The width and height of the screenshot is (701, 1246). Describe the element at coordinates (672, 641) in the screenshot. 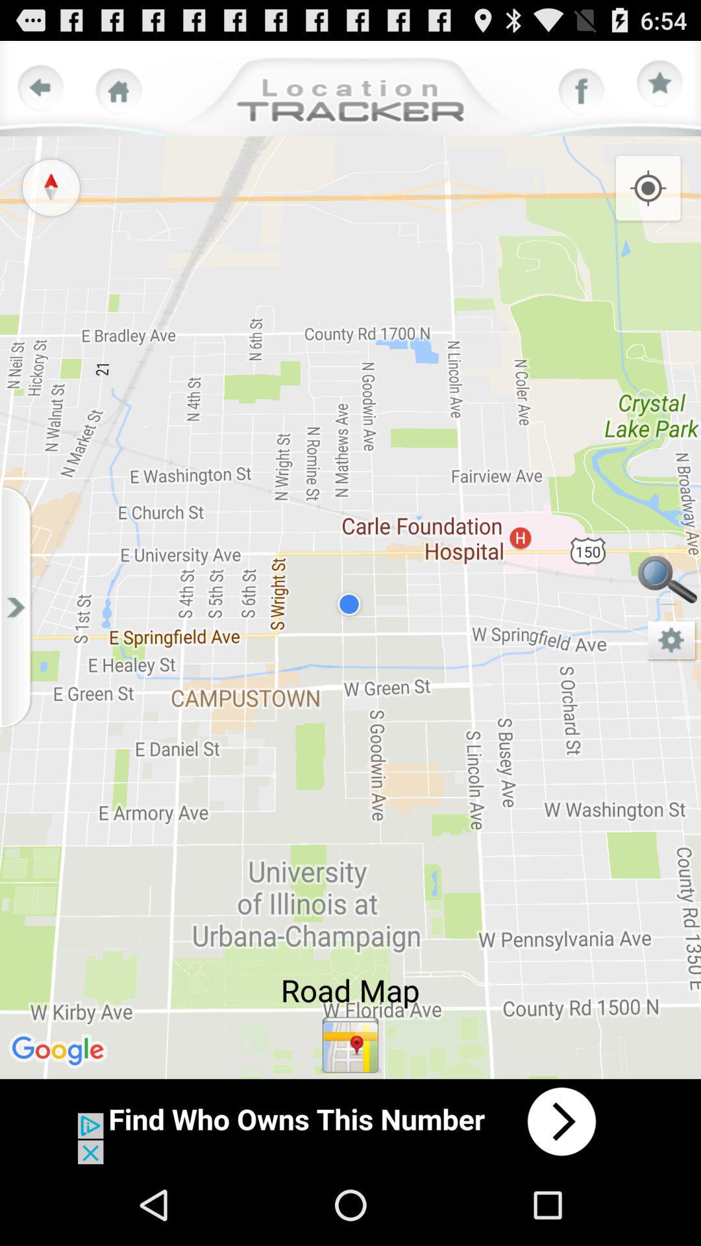

I see `google setting button` at that location.